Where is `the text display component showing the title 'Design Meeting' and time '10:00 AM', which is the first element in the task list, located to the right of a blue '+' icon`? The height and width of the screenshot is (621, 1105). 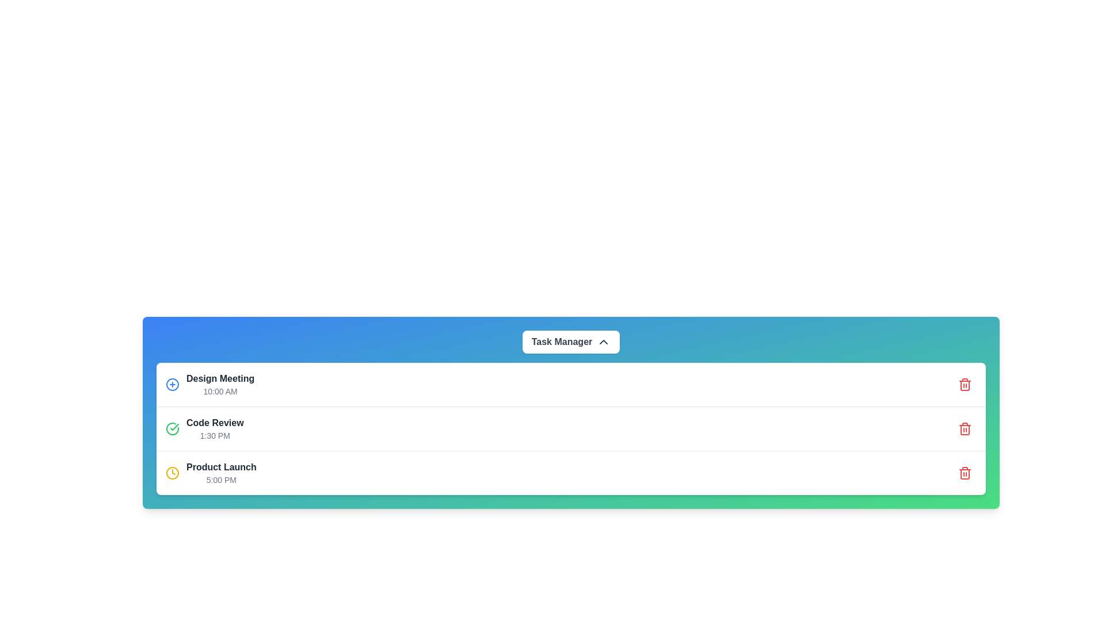
the text display component showing the title 'Design Meeting' and time '10:00 AM', which is the first element in the task list, located to the right of a blue '+' icon is located at coordinates (220, 384).